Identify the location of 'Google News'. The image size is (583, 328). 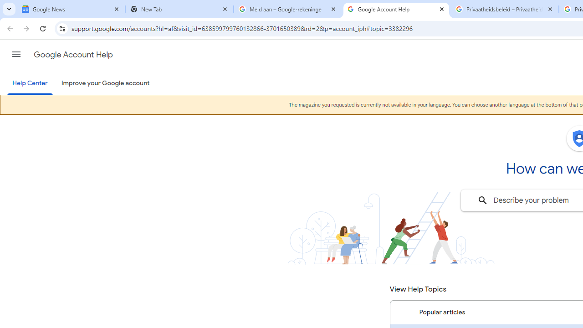
(71, 9).